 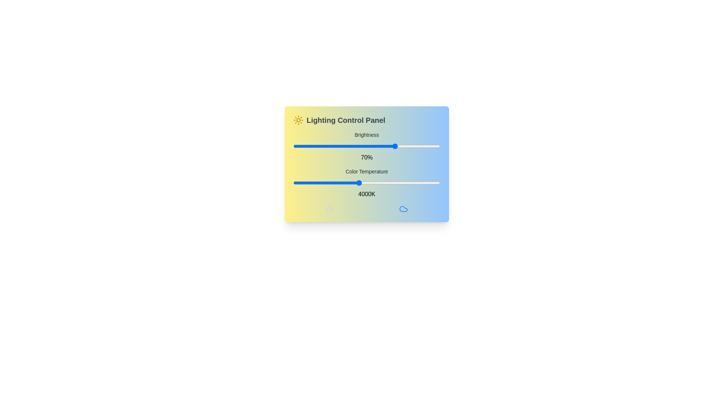 I want to click on the color temperature slider to 5931 K, so click(x=422, y=182).